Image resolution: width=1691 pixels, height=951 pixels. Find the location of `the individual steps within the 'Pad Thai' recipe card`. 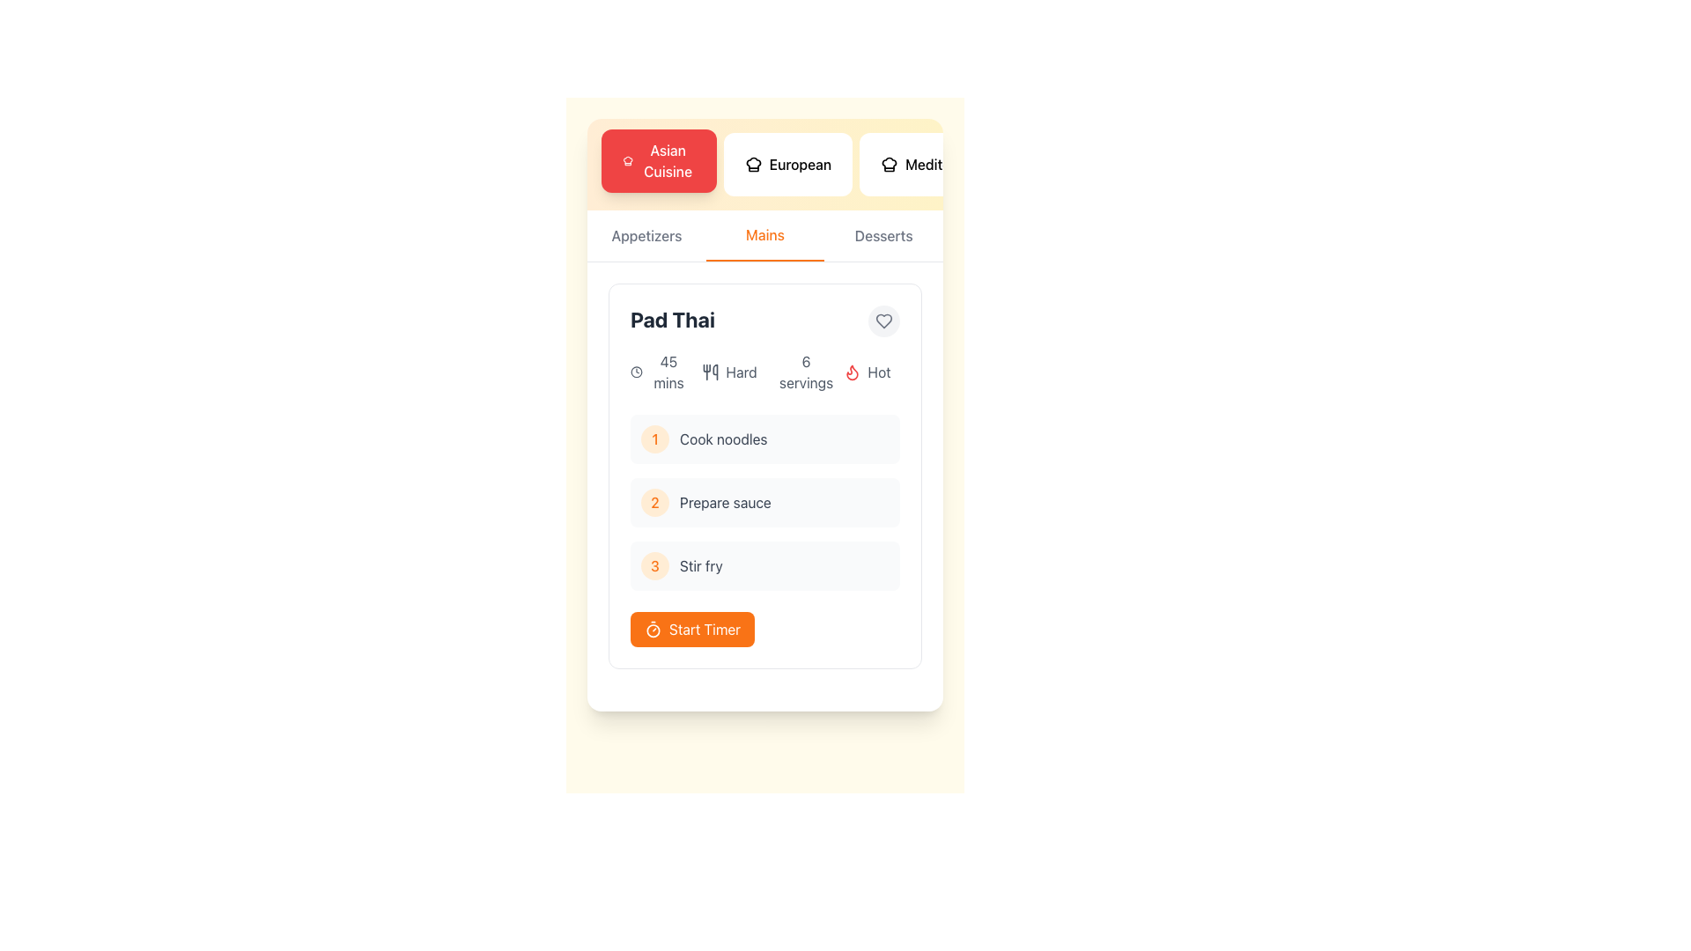

the individual steps within the 'Pad Thai' recipe card is located at coordinates (764, 475).